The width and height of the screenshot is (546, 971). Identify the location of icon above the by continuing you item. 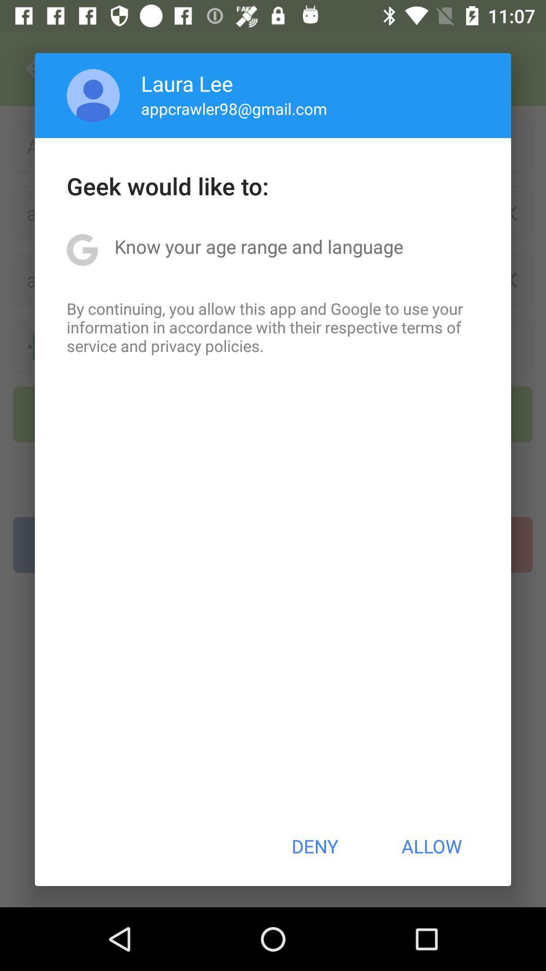
(258, 246).